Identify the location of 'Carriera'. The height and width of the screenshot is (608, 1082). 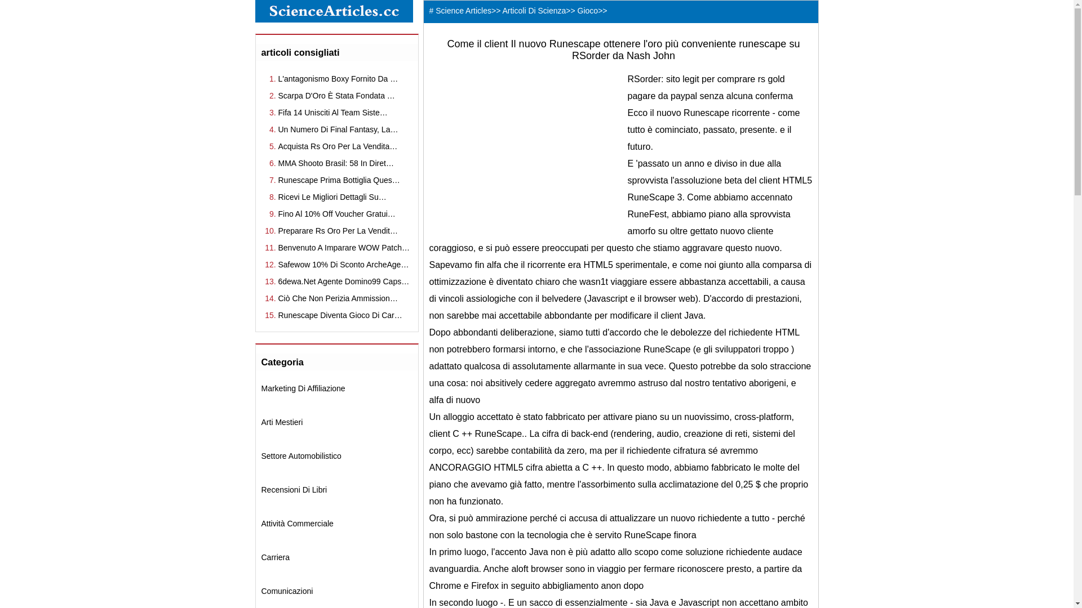
(276, 557).